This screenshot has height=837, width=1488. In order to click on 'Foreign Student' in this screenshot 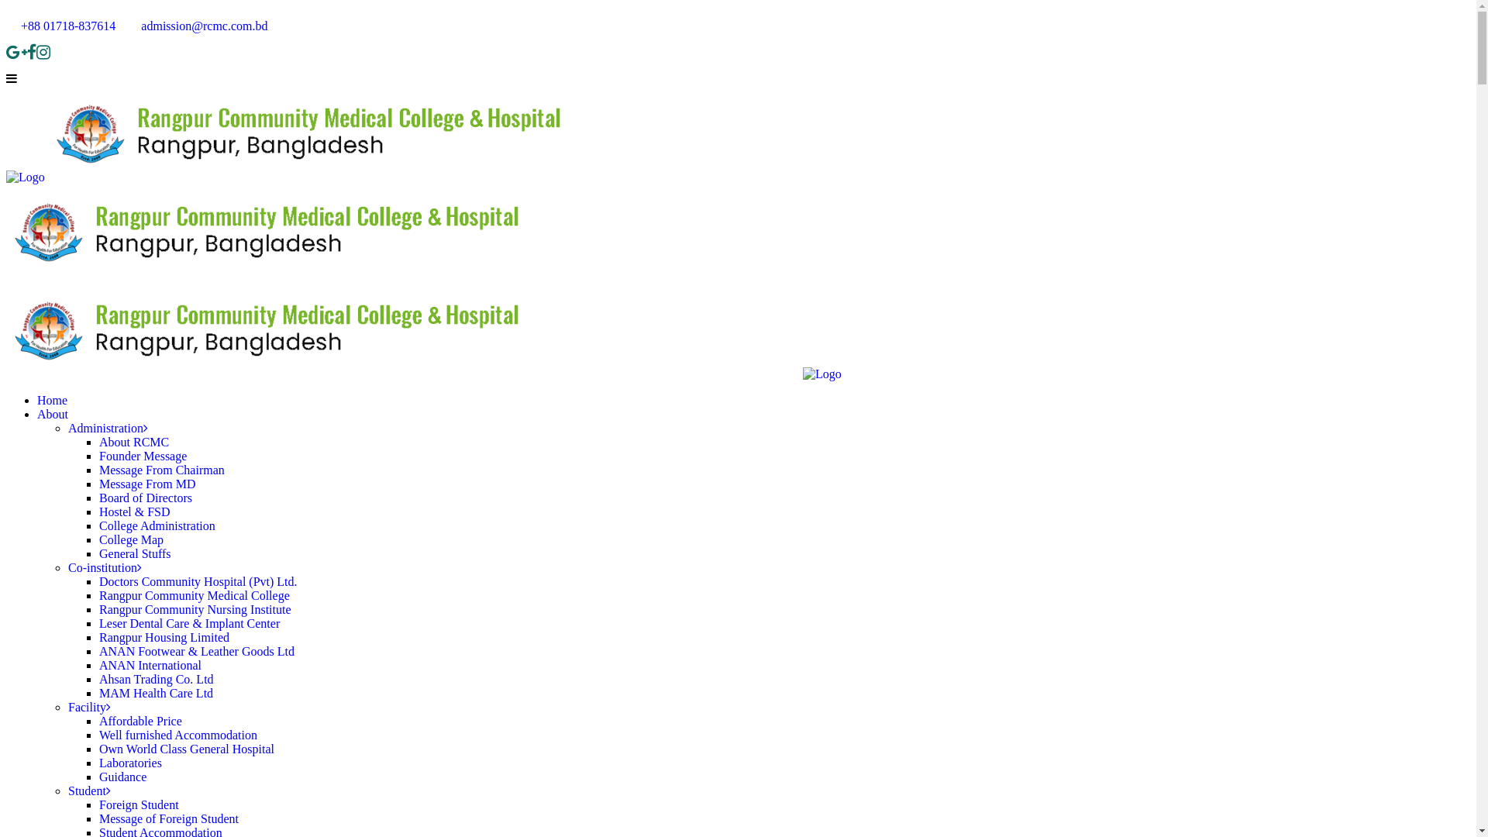, I will do `click(139, 804)`.